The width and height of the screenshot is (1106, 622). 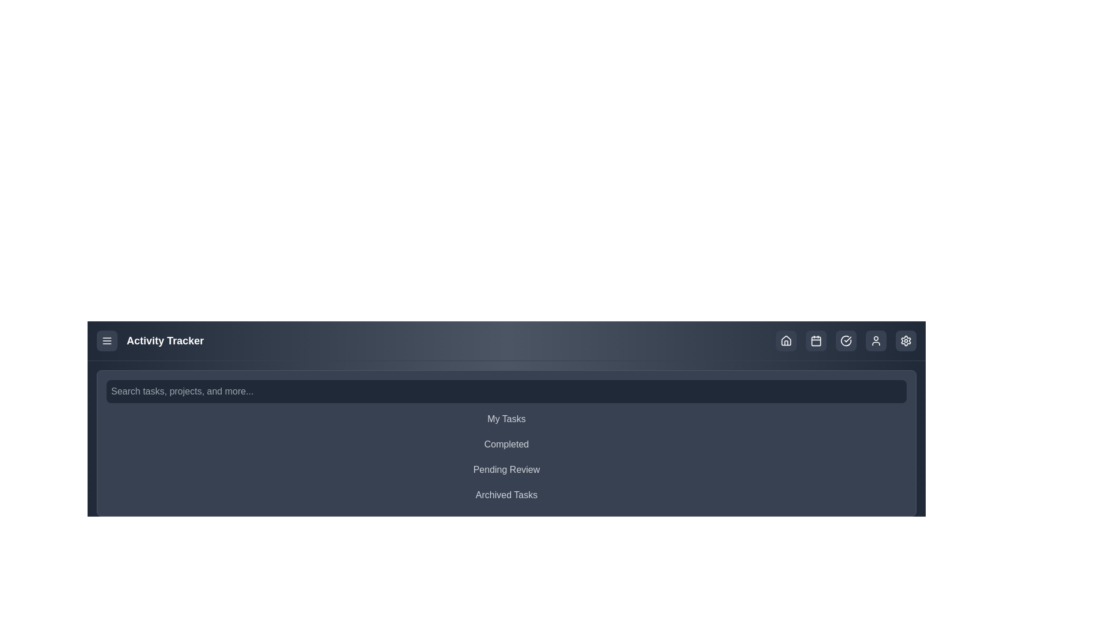 I want to click on the task category Completed from the list, so click(x=506, y=443).